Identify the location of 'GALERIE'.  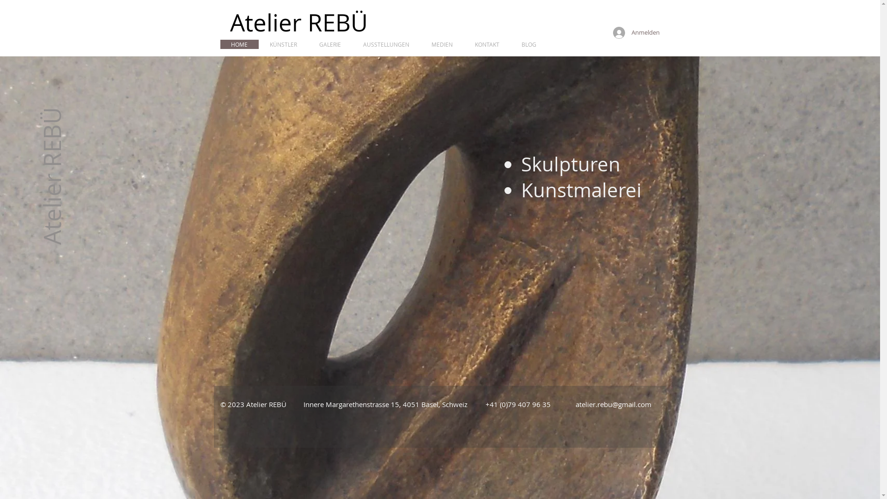
(310, 45).